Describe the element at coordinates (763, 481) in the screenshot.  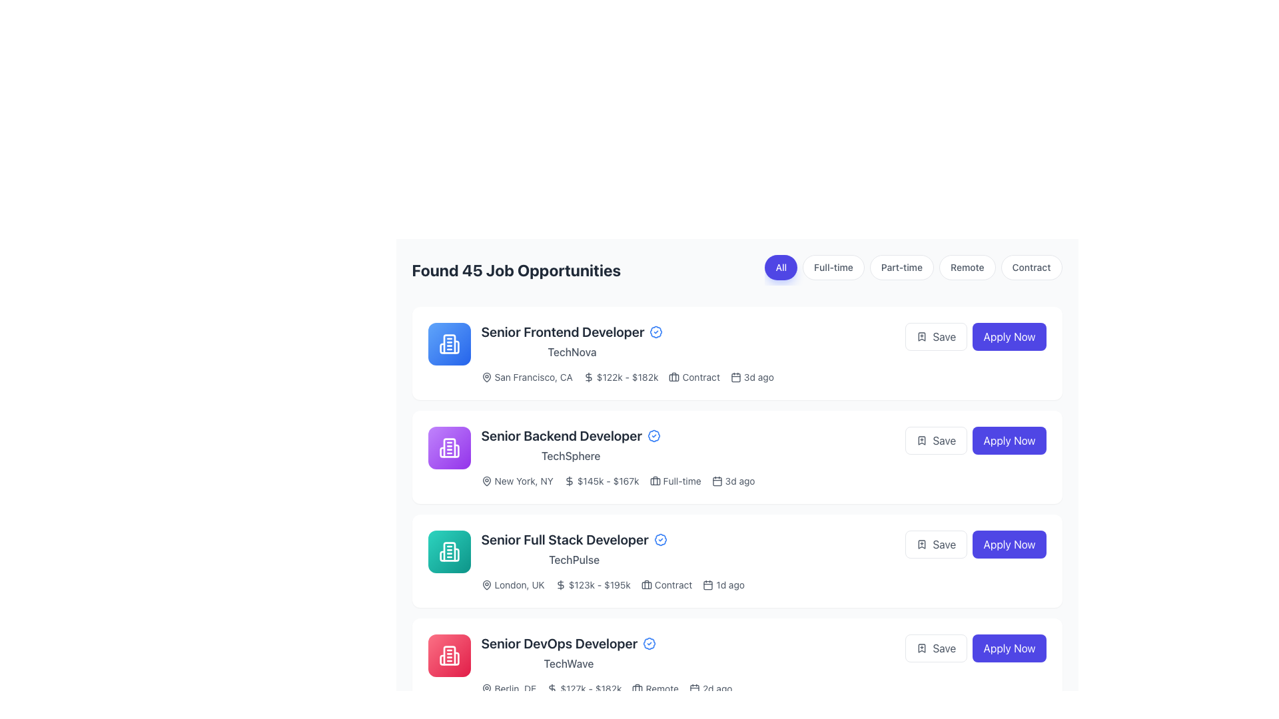
I see `the informational metadata row beneath the title 'Senior Backend Developer' and above the 'Save' and 'Apply Now' buttons in the job listing for TechSphere` at that location.